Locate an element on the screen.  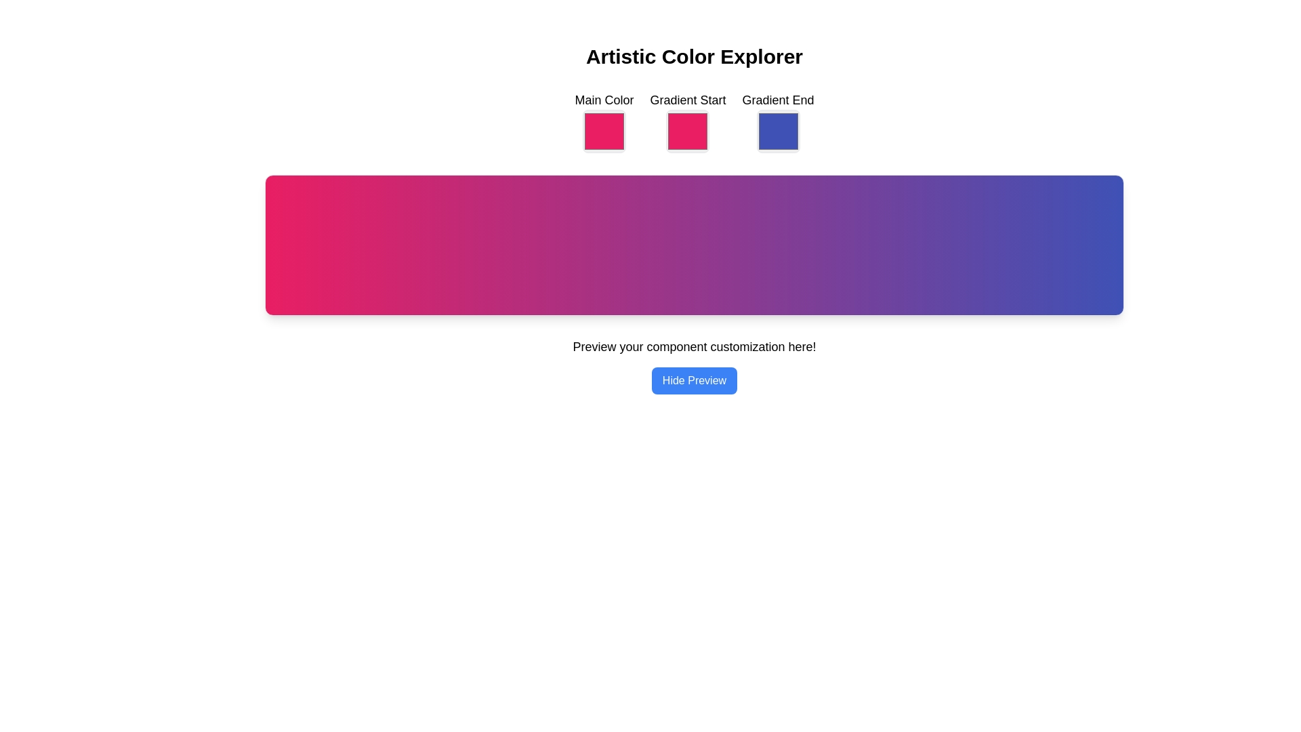
the 'Gradient Start' text label, which is a medium-weight header positioned above the gradient color picking section is located at coordinates (688, 99).